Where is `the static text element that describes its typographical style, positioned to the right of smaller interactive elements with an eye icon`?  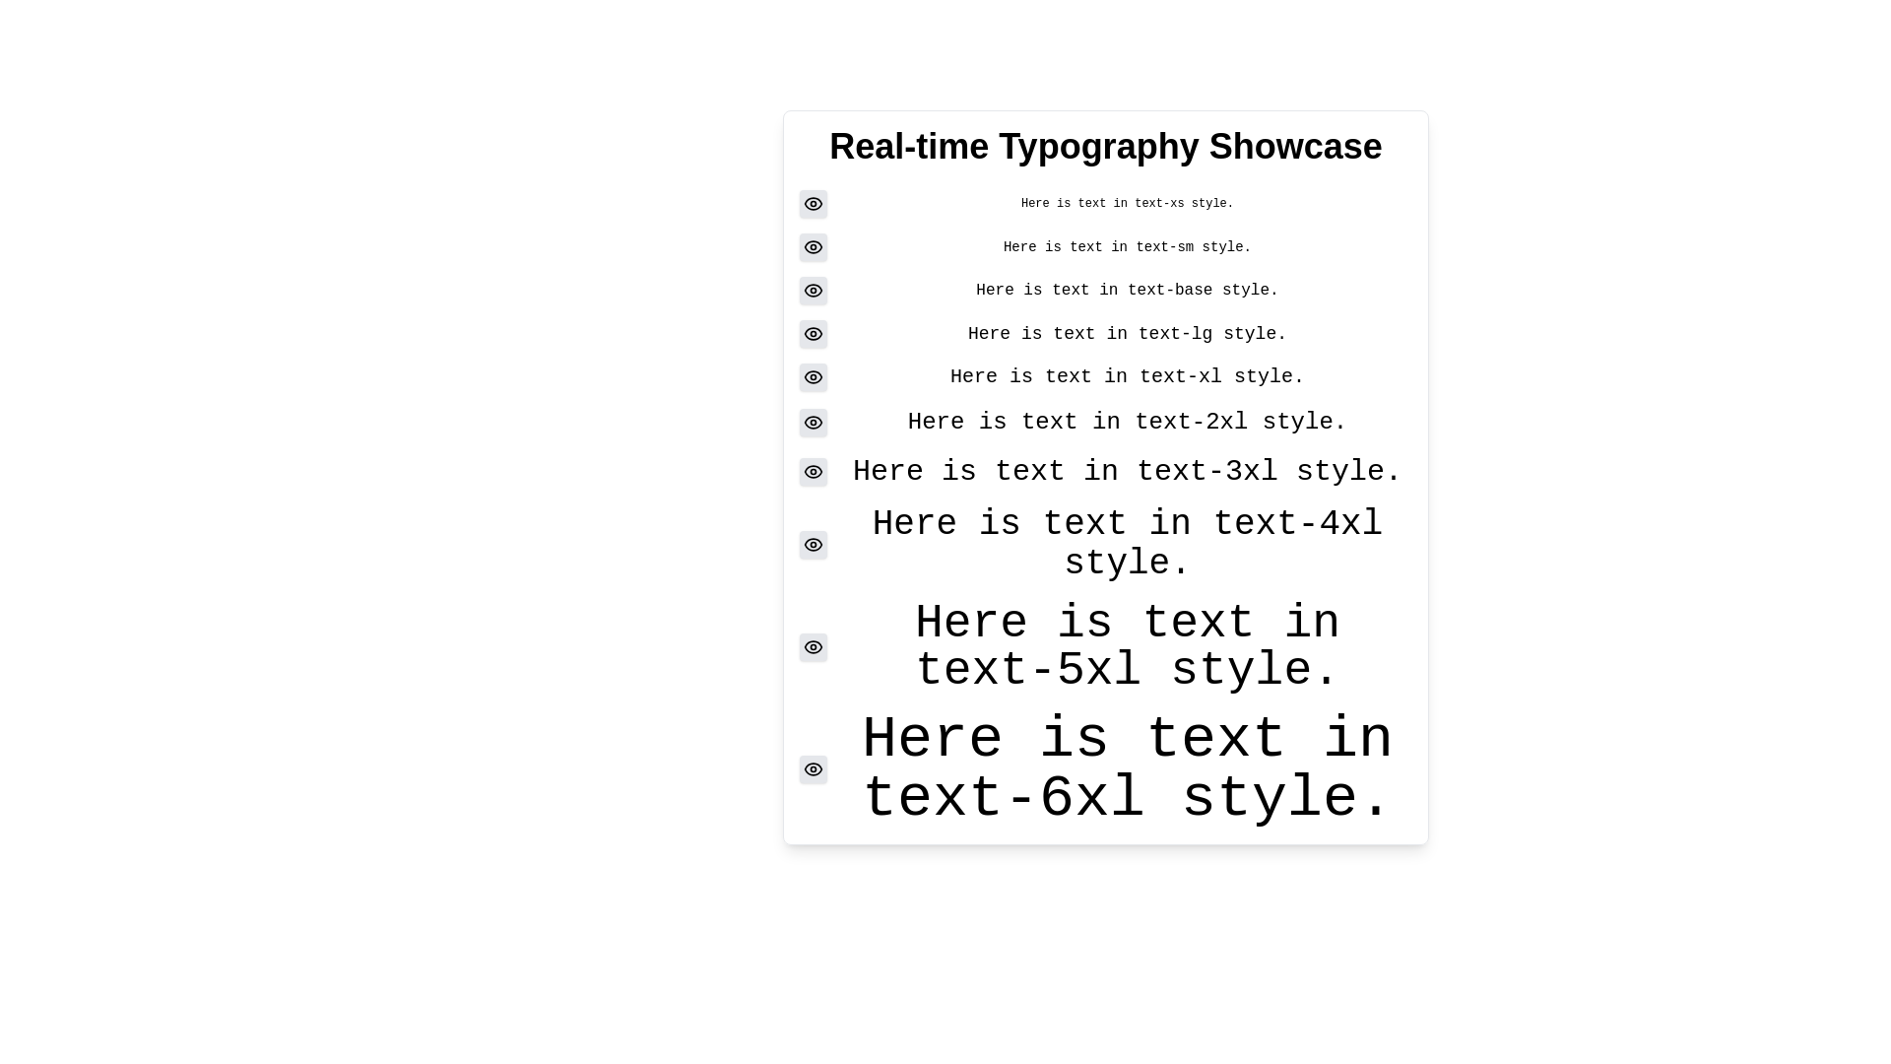
the static text element that describes its typographical style, positioned to the right of smaller interactive elements with an eye icon is located at coordinates (1128, 290).